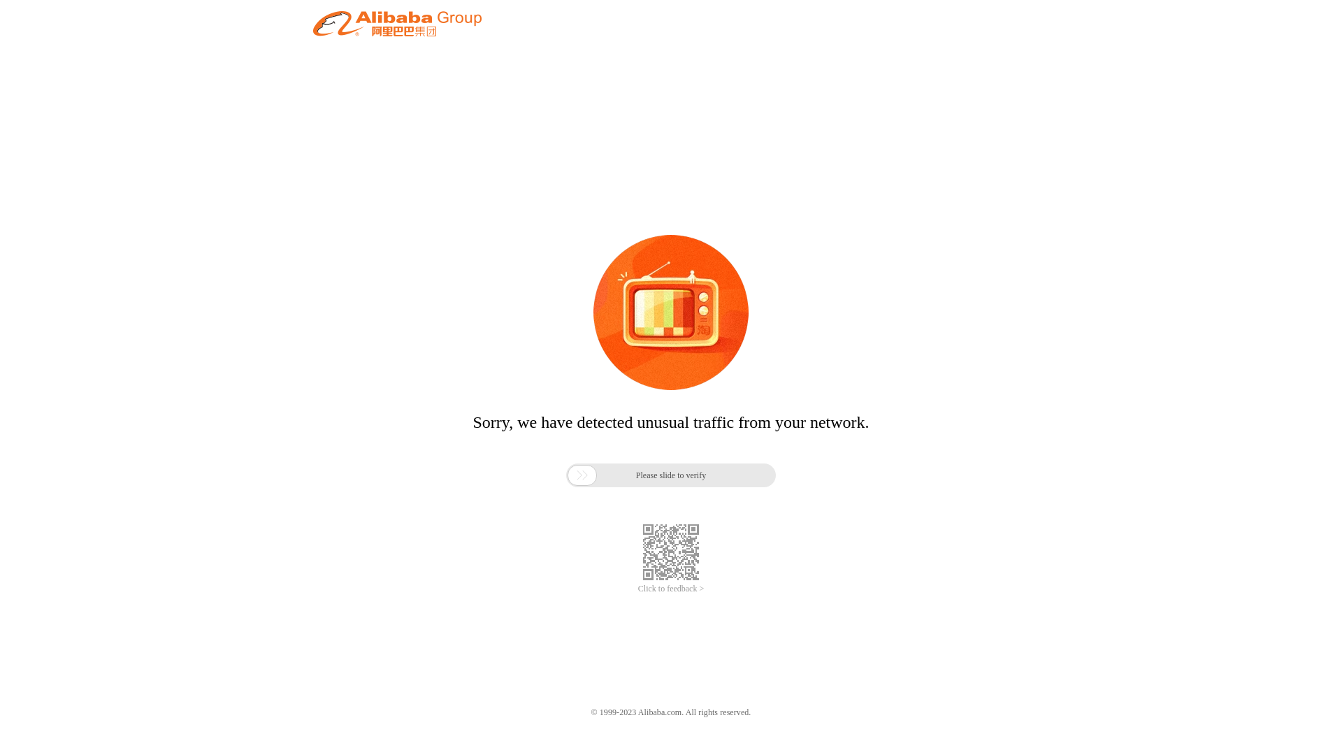 The image size is (1342, 755). I want to click on 'Click to feedback >', so click(671, 589).